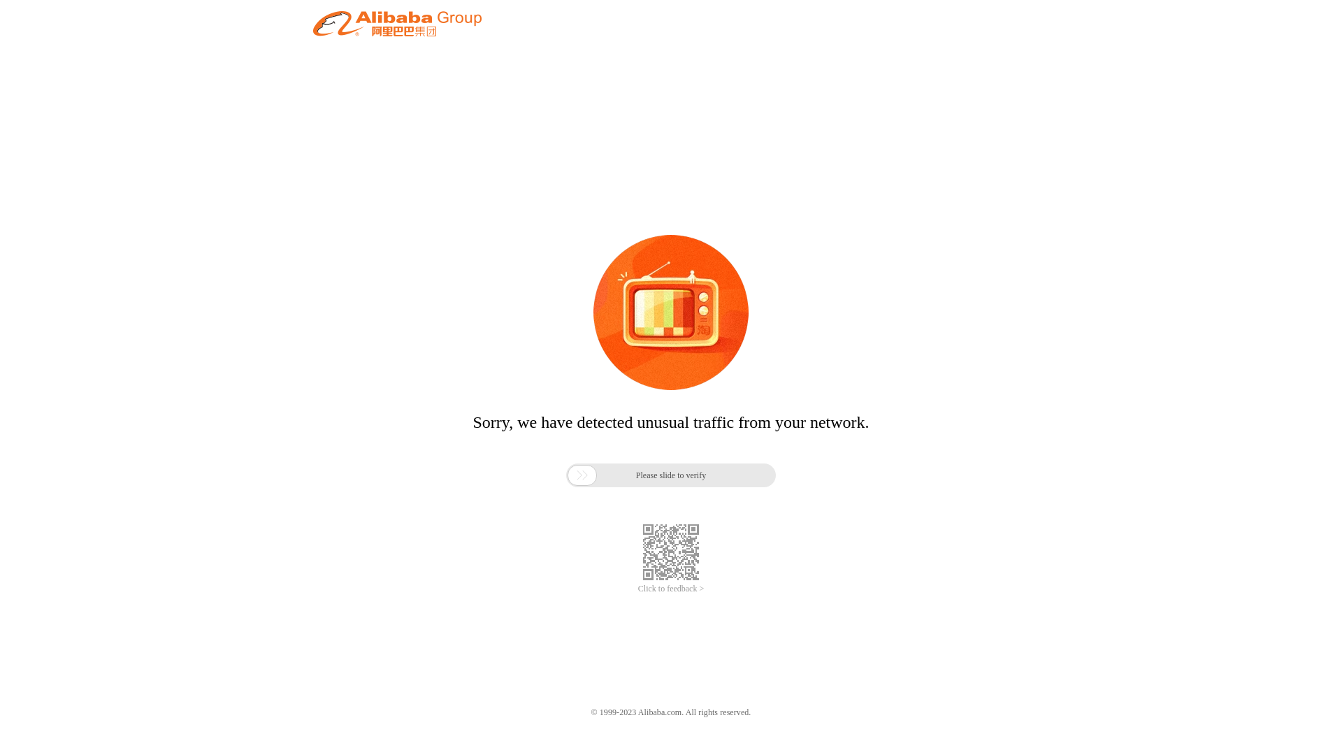 The image size is (1342, 755). I want to click on 'Click to feedback >', so click(671, 589).